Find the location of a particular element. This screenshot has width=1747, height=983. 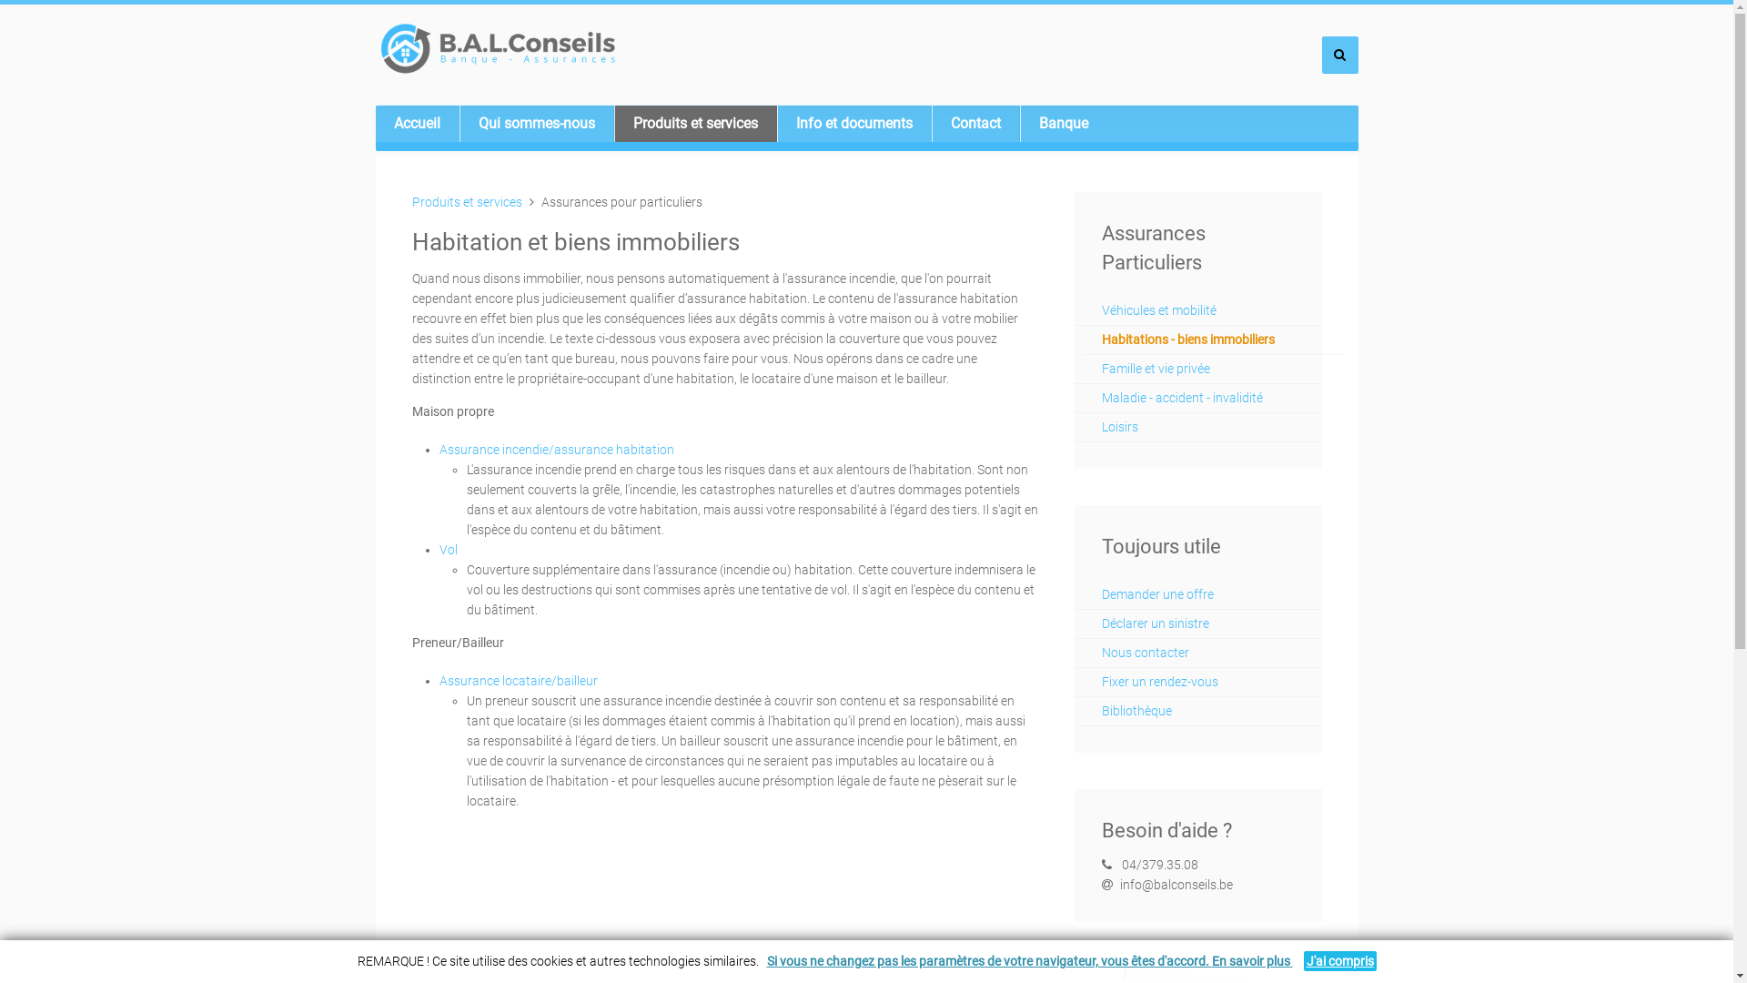

'Produits et services' is located at coordinates (466, 202).